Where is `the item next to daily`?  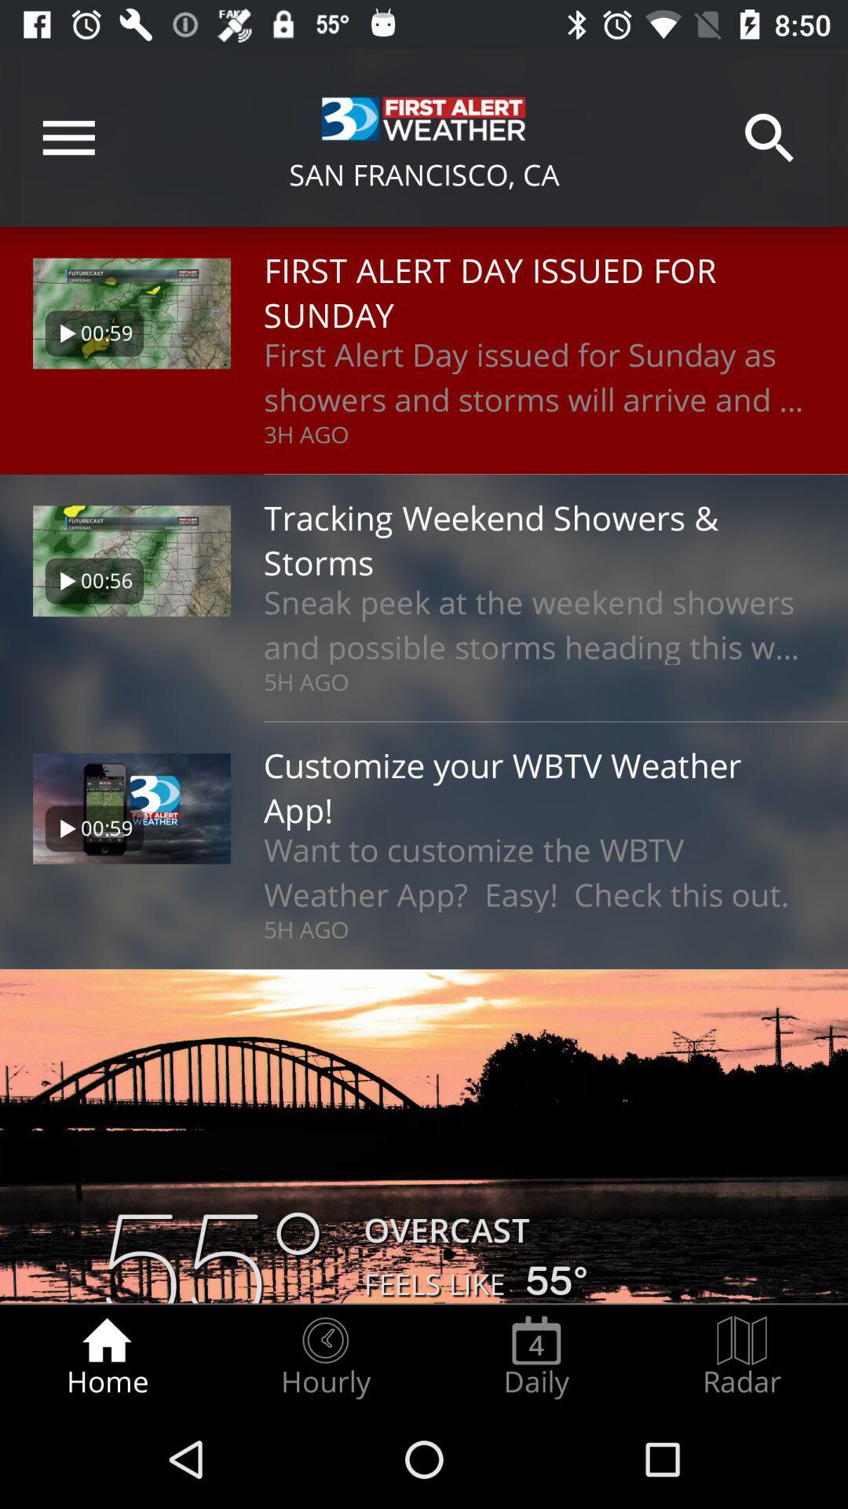 the item next to daily is located at coordinates (742, 1357).